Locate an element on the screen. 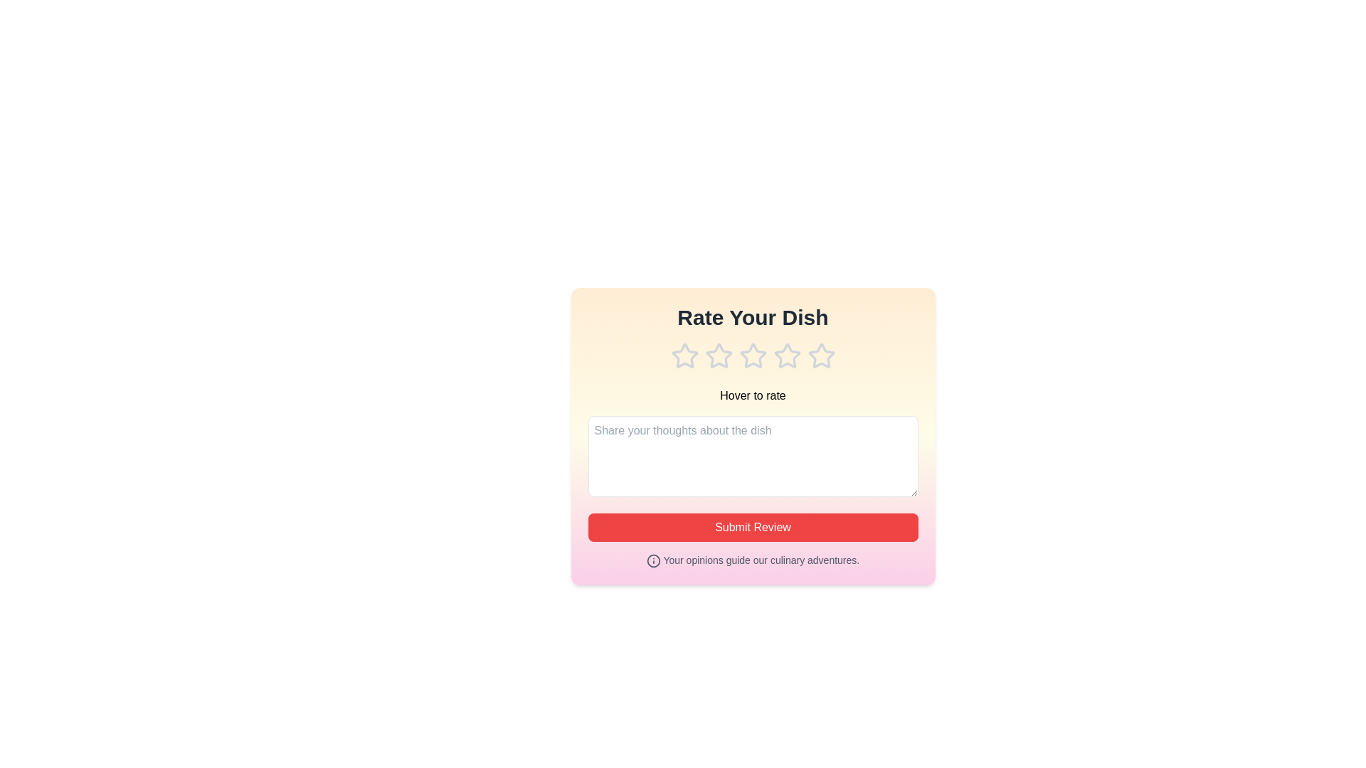  the rating to 1 stars by clicking on the corresponding star is located at coordinates (684, 356).